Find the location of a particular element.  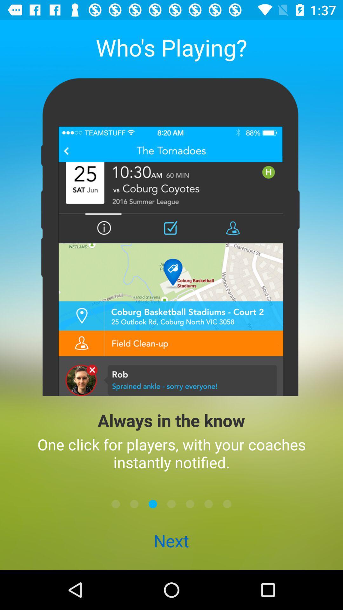

next page is located at coordinates (134, 504).